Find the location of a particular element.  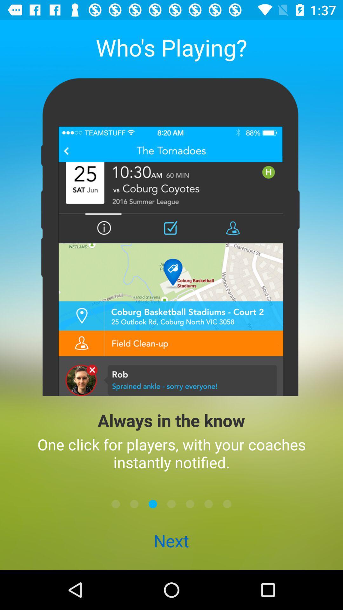

next page is located at coordinates (134, 504).